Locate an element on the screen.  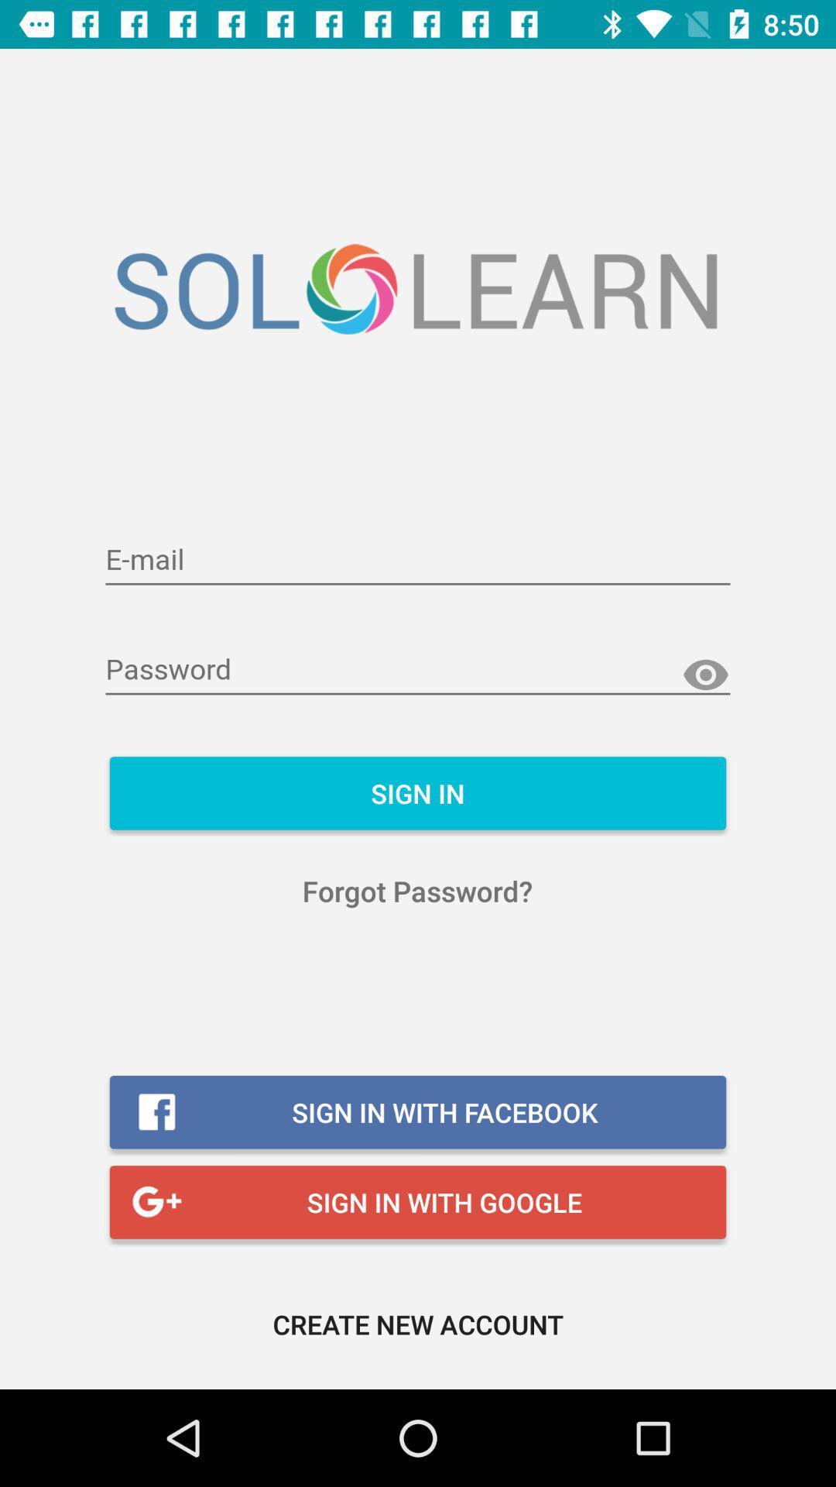
email/username is located at coordinates (418, 560).